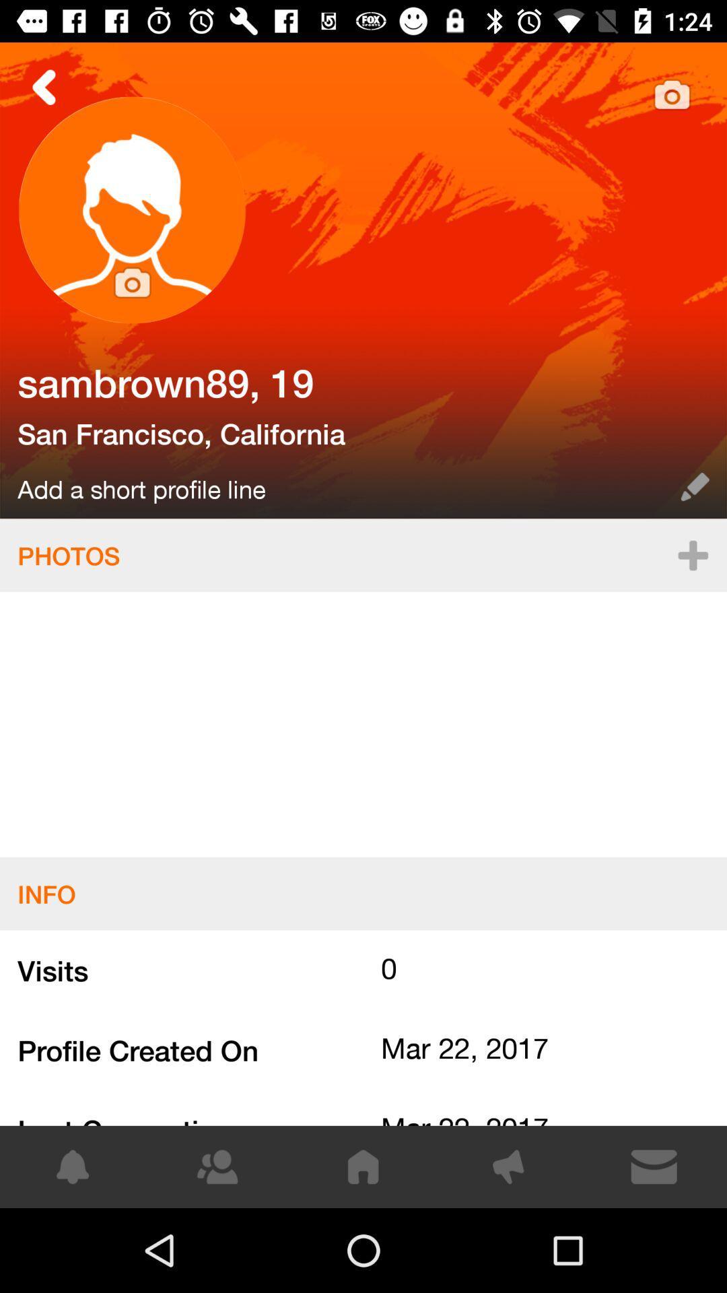 The width and height of the screenshot is (727, 1293). What do you see at coordinates (695, 486) in the screenshot?
I see `item next to add a short item` at bounding box center [695, 486].